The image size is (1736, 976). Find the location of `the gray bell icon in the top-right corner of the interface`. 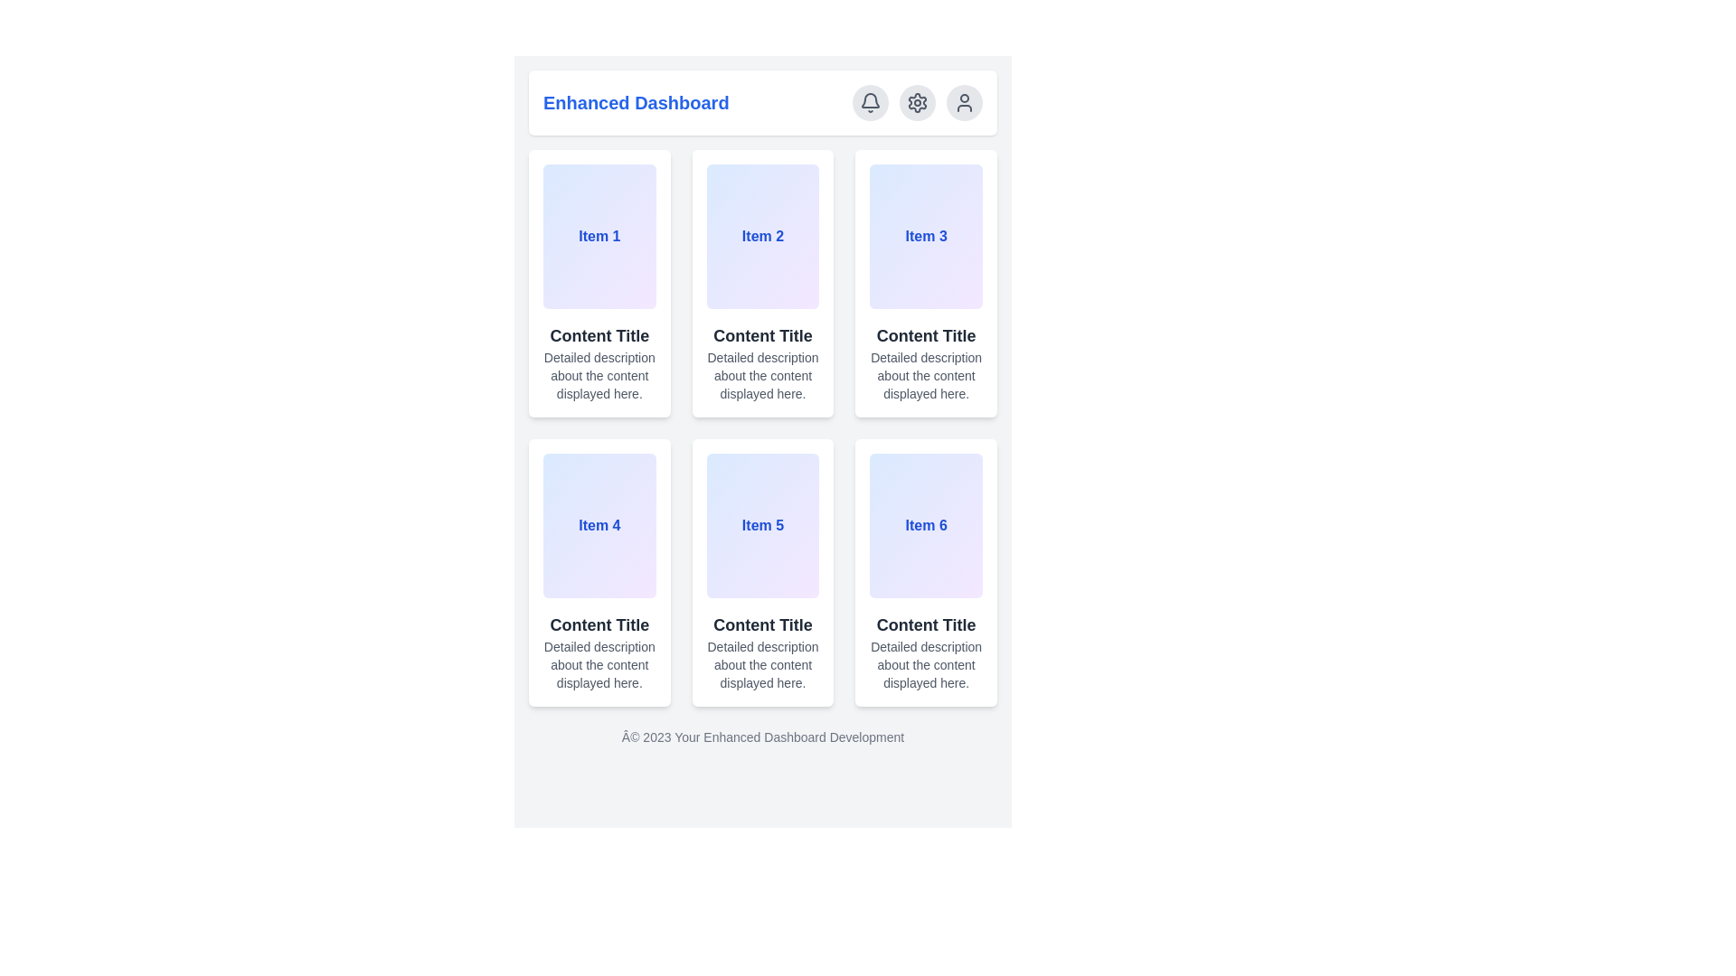

the gray bell icon in the top-right corner of the interface is located at coordinates (871, 103).